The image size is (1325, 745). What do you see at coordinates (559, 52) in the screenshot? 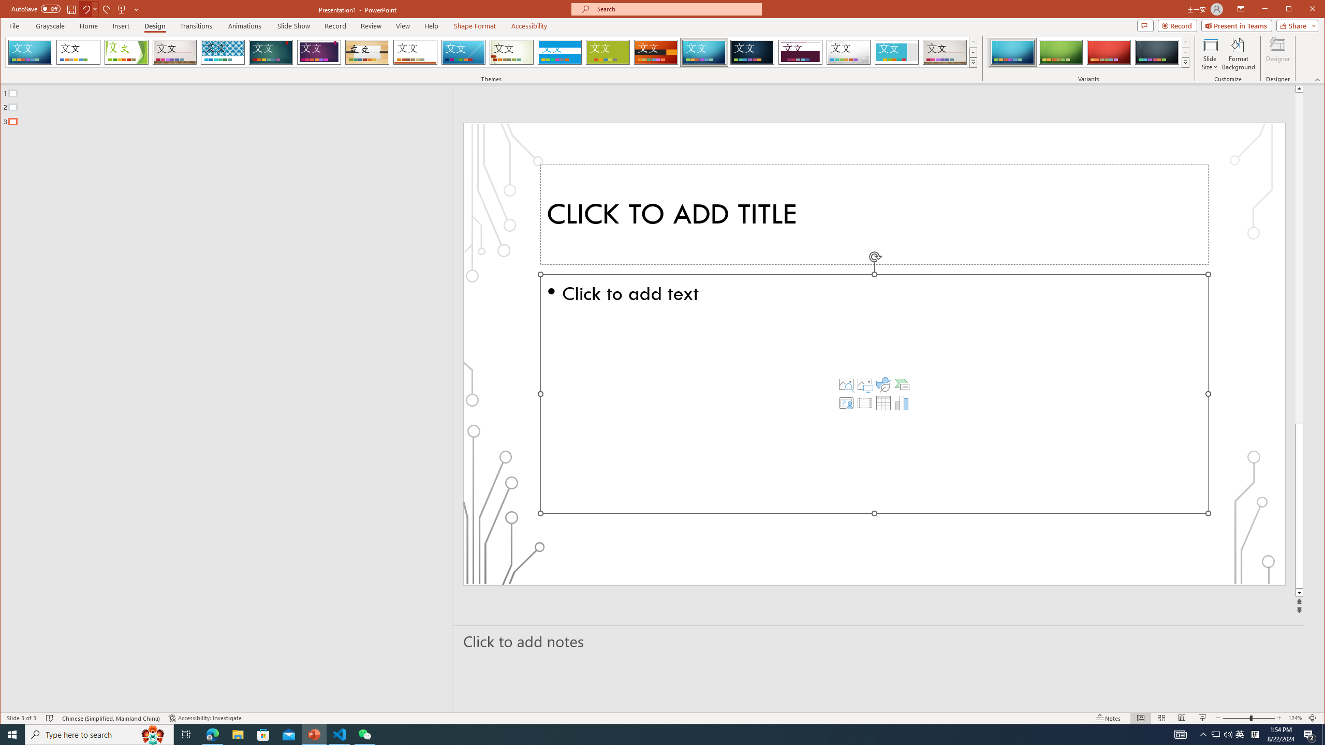
I see `'Banded'` at bounding box center [559, 52].